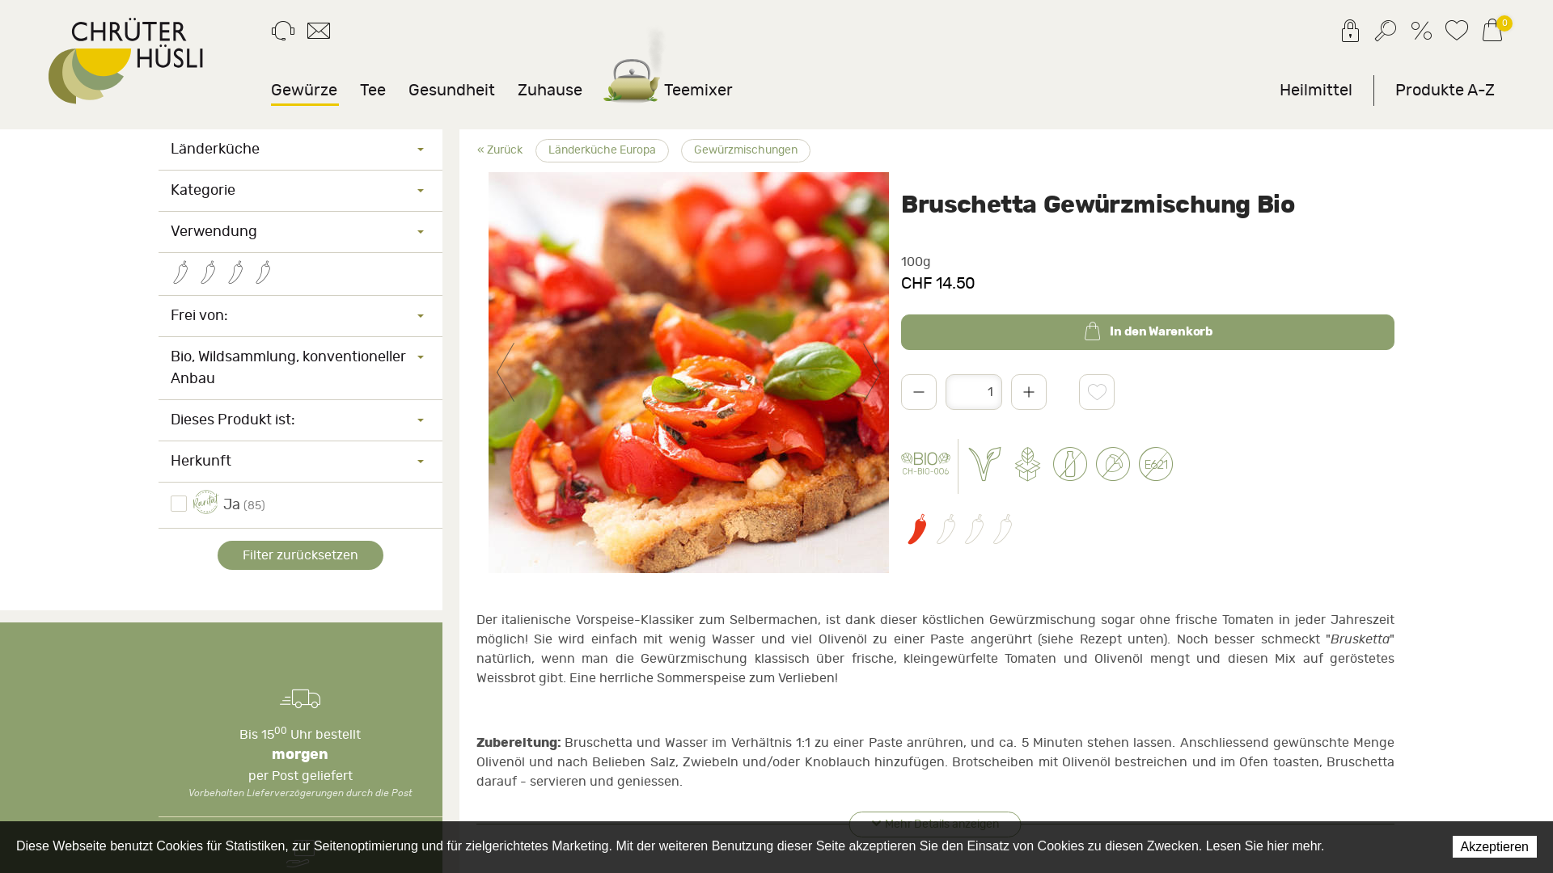 This screenshot has height=873, width=1553. I want to click on 'Bio, Wildsammlung, konventioneller Anbau', so click(300, 368).